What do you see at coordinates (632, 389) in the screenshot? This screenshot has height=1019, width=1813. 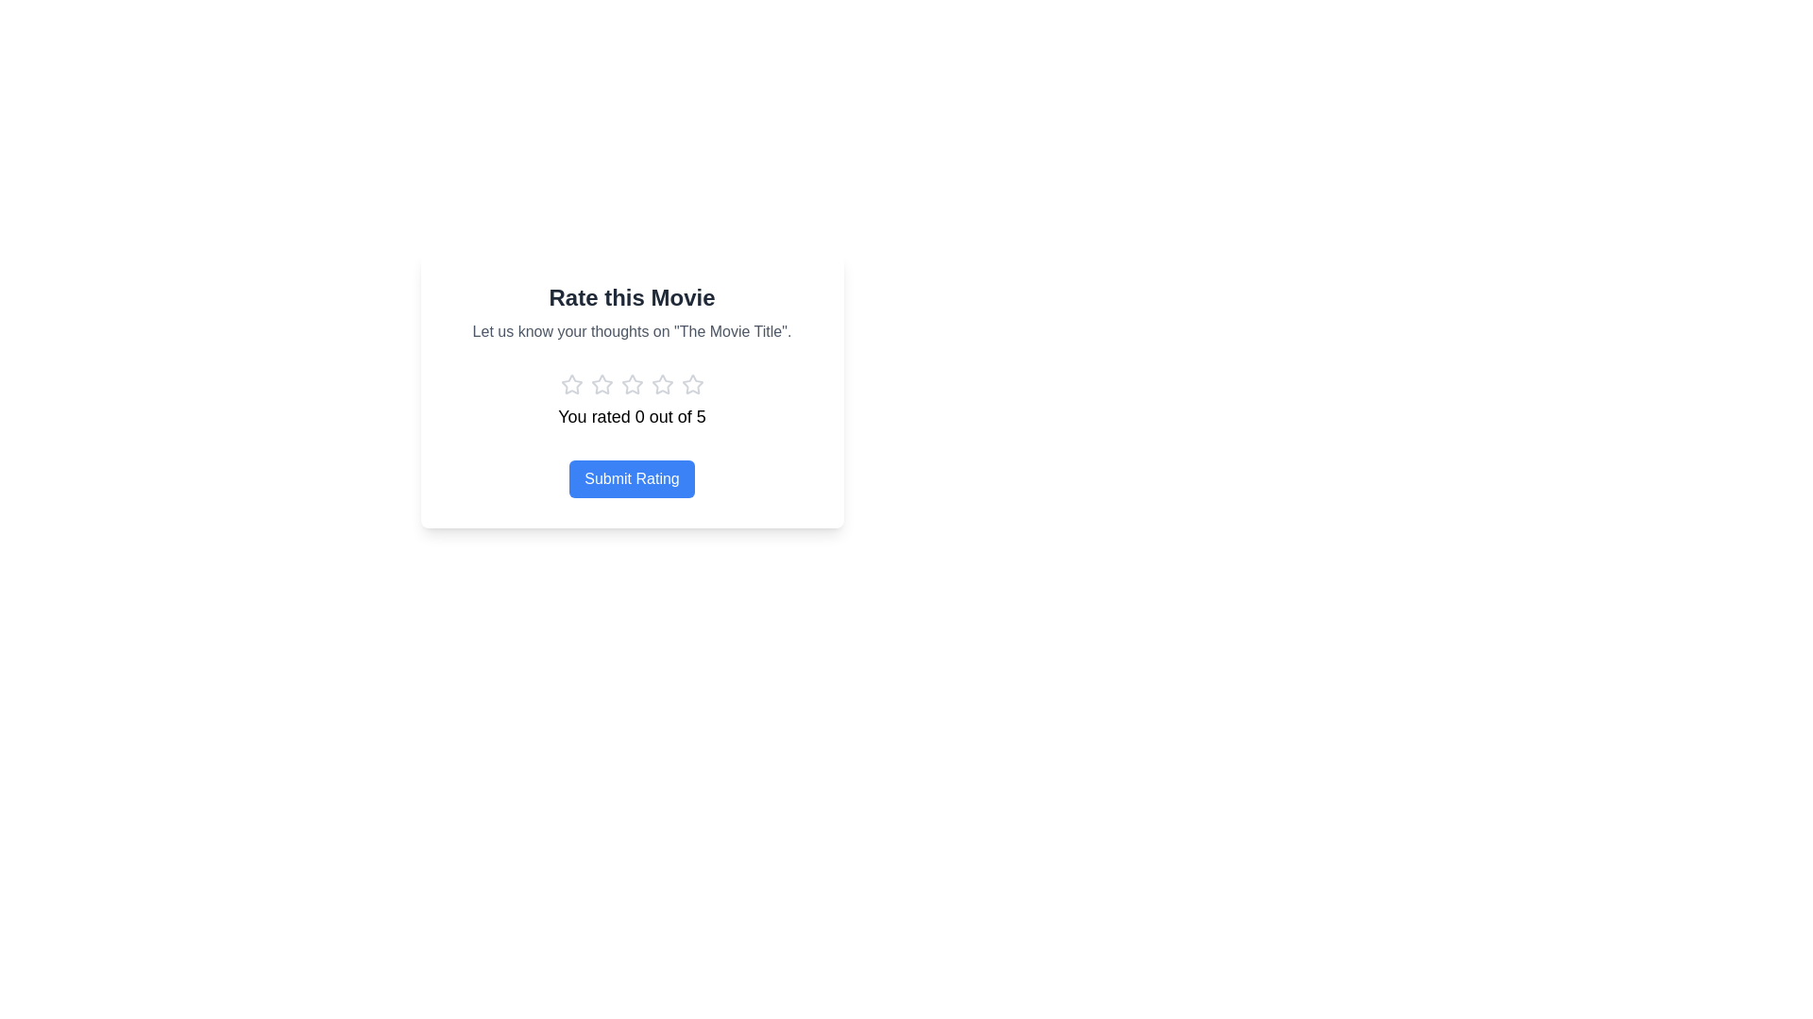 I see `the third five-pointed star icon, which is styled in light gray` at bounding box center [632, 389].